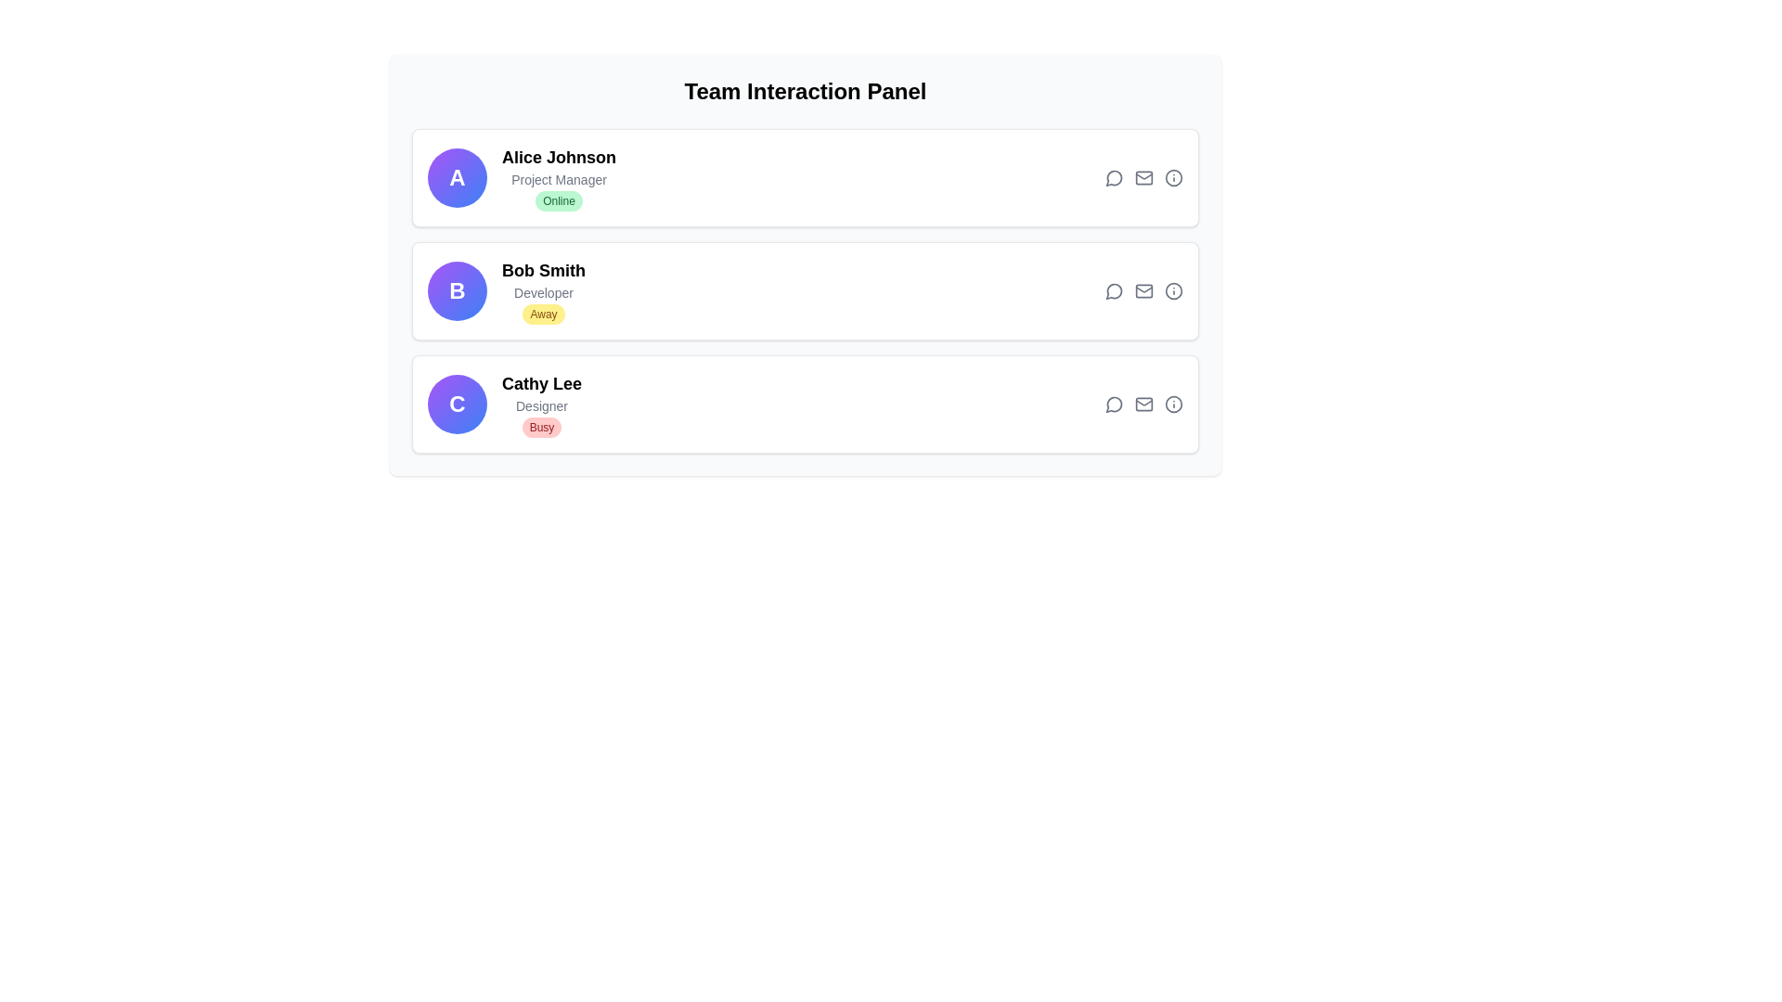 The width and height of the screenshot is (1782, 1002). Describe the element at coordinates (806, 264) in the screenshot. I see `the second section of the team interaction panel, which displays details for 'Bob Smith - Developer - Away'` at that location.